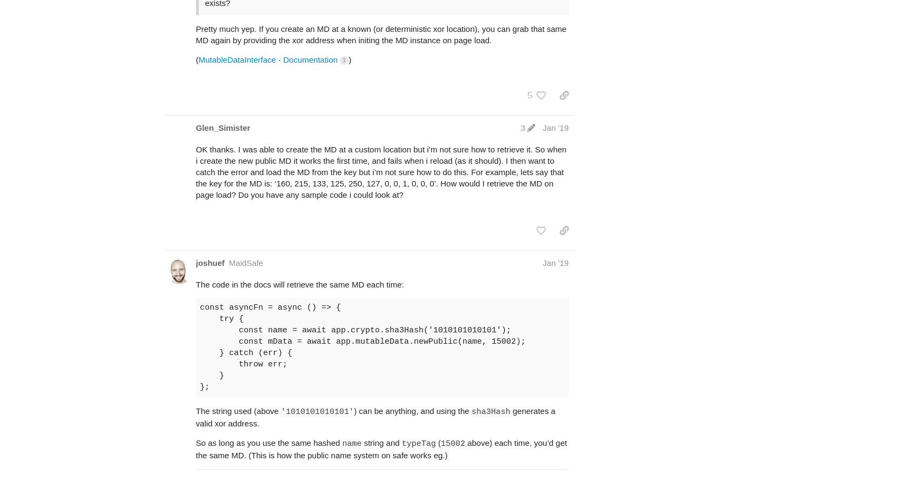 Image resolution: width=919 pixels, height=481 pixels. I want to click on 'So as long as you use the same hashed', so click(269, 442).